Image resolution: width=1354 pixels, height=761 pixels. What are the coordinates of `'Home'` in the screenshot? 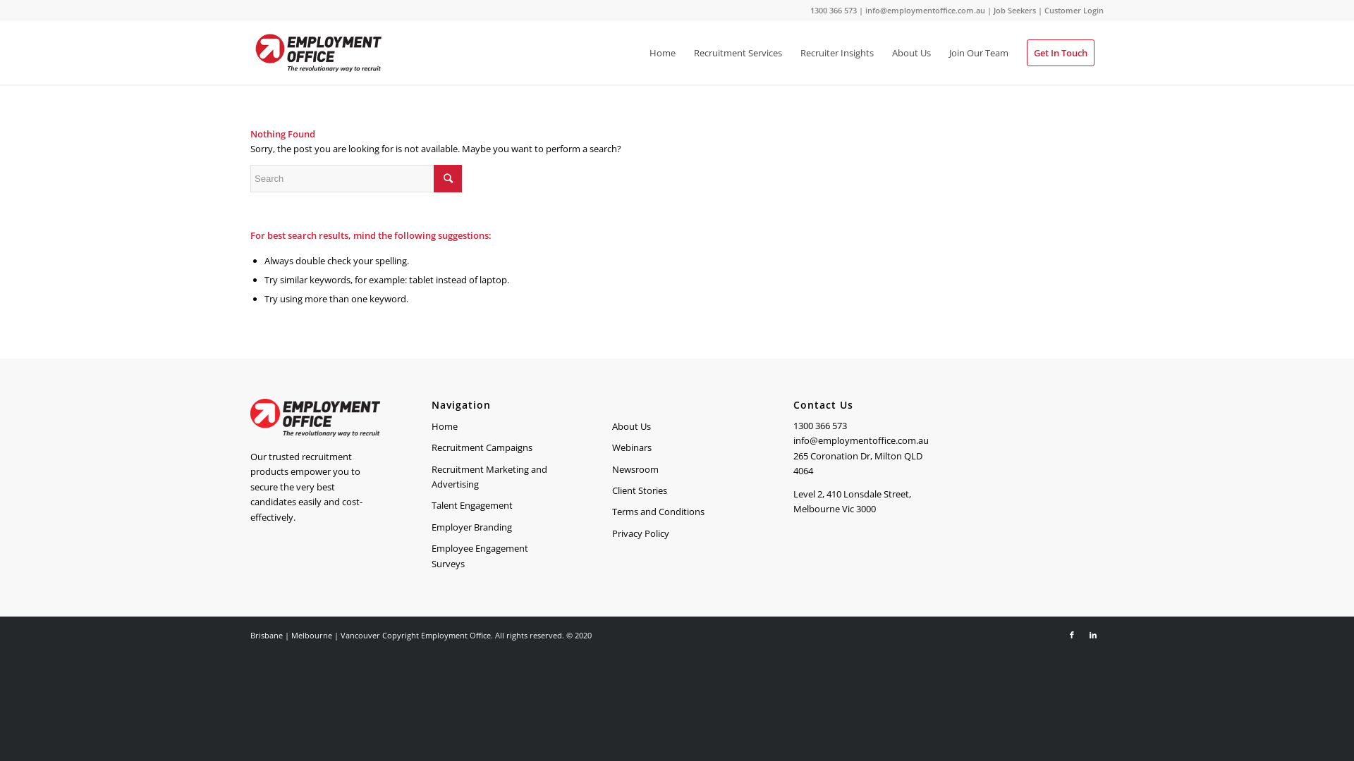 It's located at (661, 51).